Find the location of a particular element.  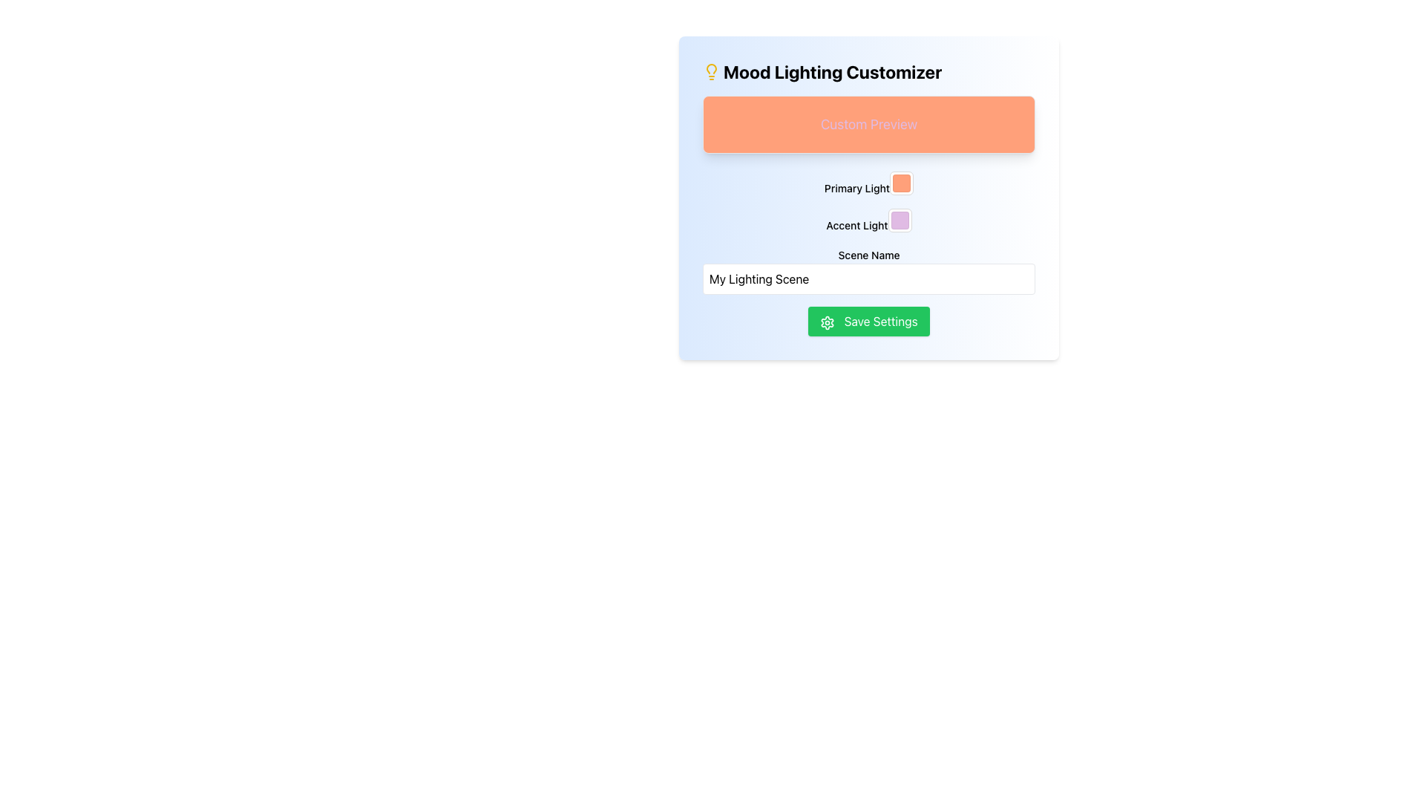

the 'Scene Name' label, which is displayed in a small font size and medium weight, positioned above the input field labeled 'My Lighting Scene' is located at coordinates (869, 254).